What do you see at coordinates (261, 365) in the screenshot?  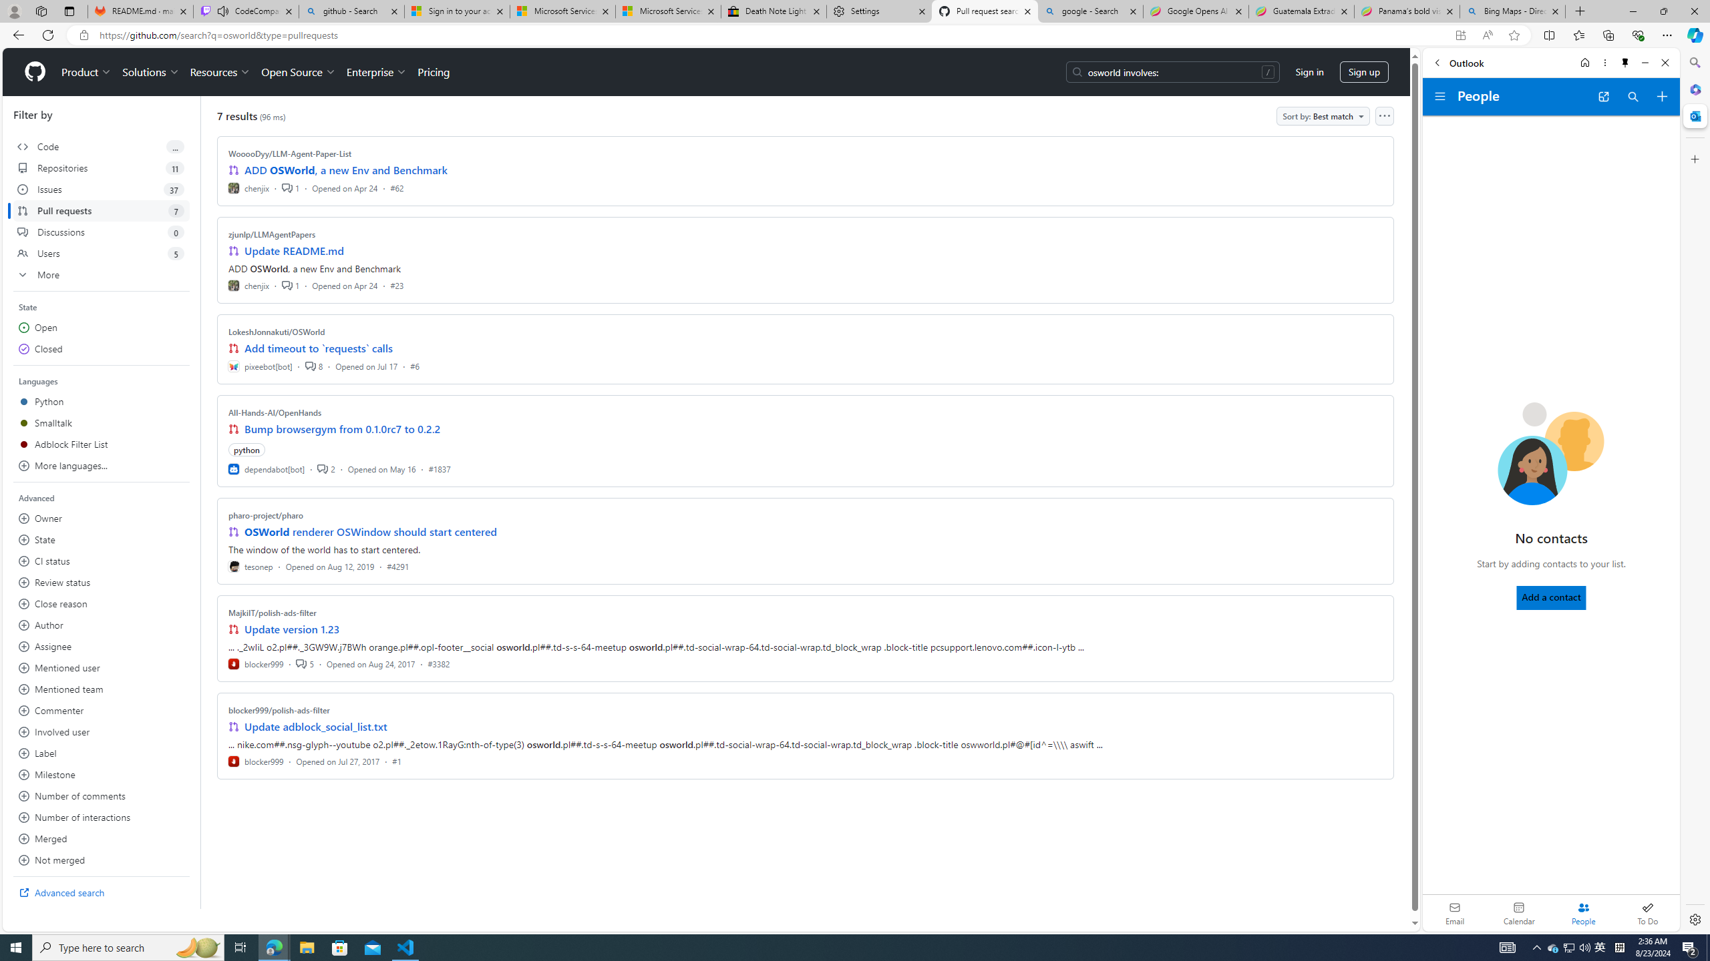 I see `'pixeebot[bot]'` at bounding box center [261, 365].